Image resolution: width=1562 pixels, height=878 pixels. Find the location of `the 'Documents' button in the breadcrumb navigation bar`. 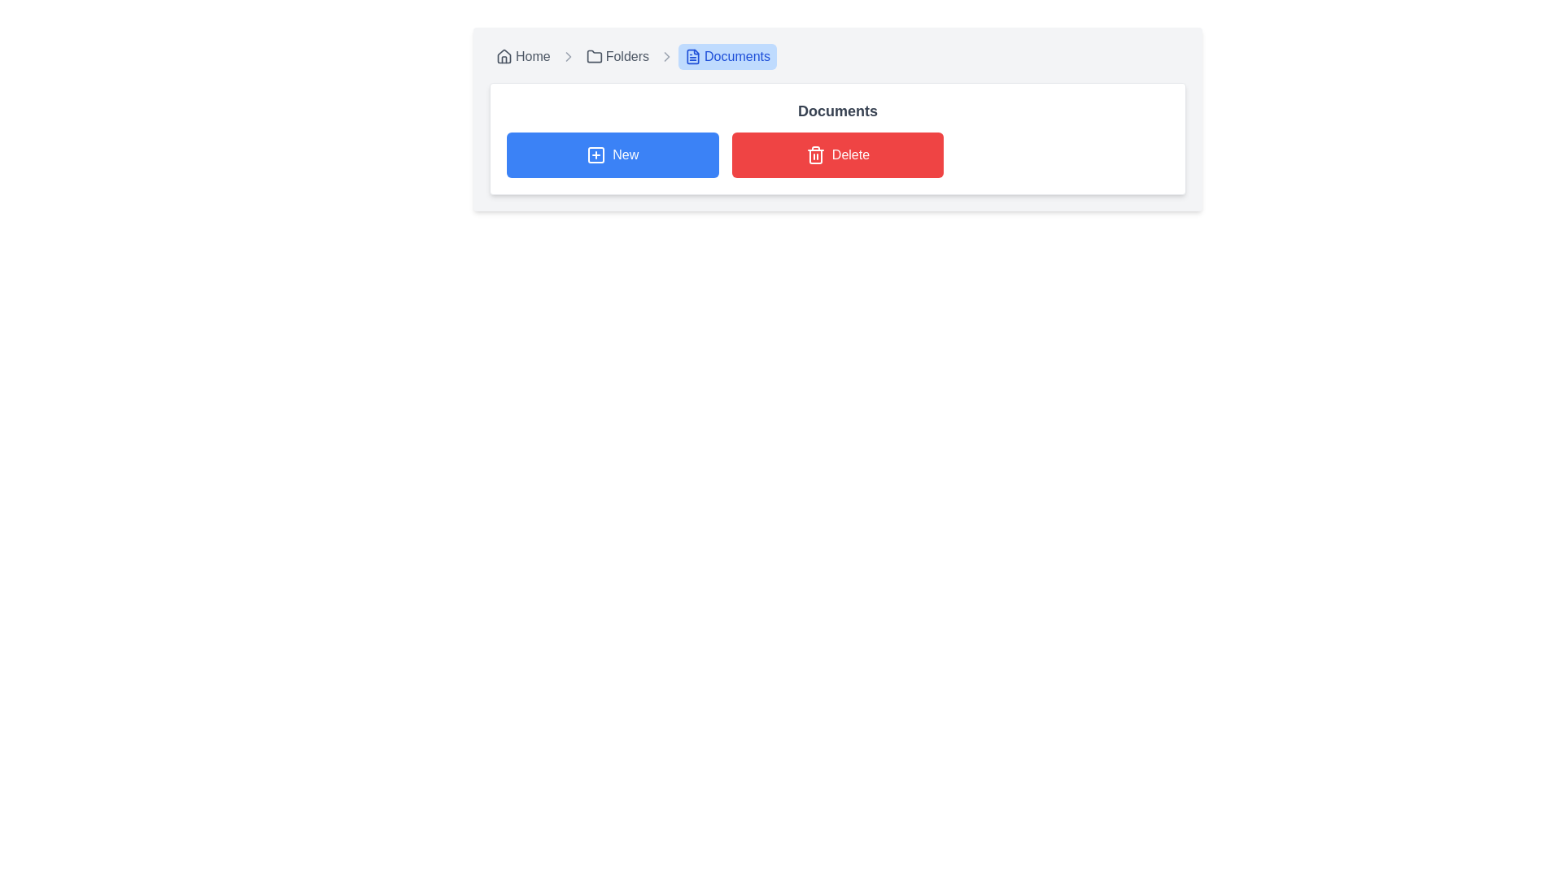

the 'Documents' button in the breadcrumb navigation bar is located at coordinates (726, 55).